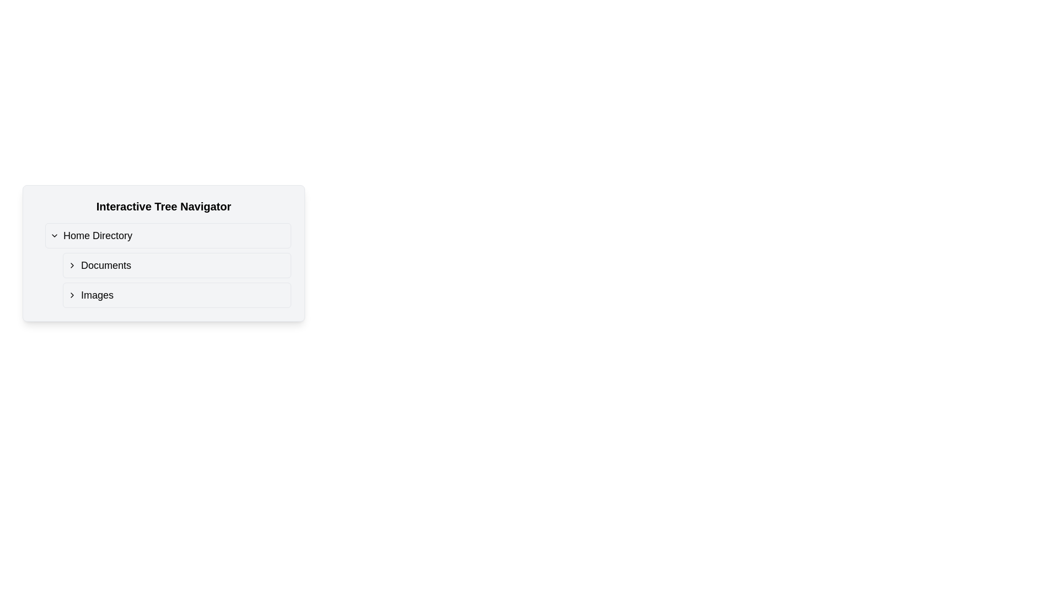 This screenshot has height=595, width=1059. I want to click on the 'Documents' section in the tree navigation, so click(177, 266).